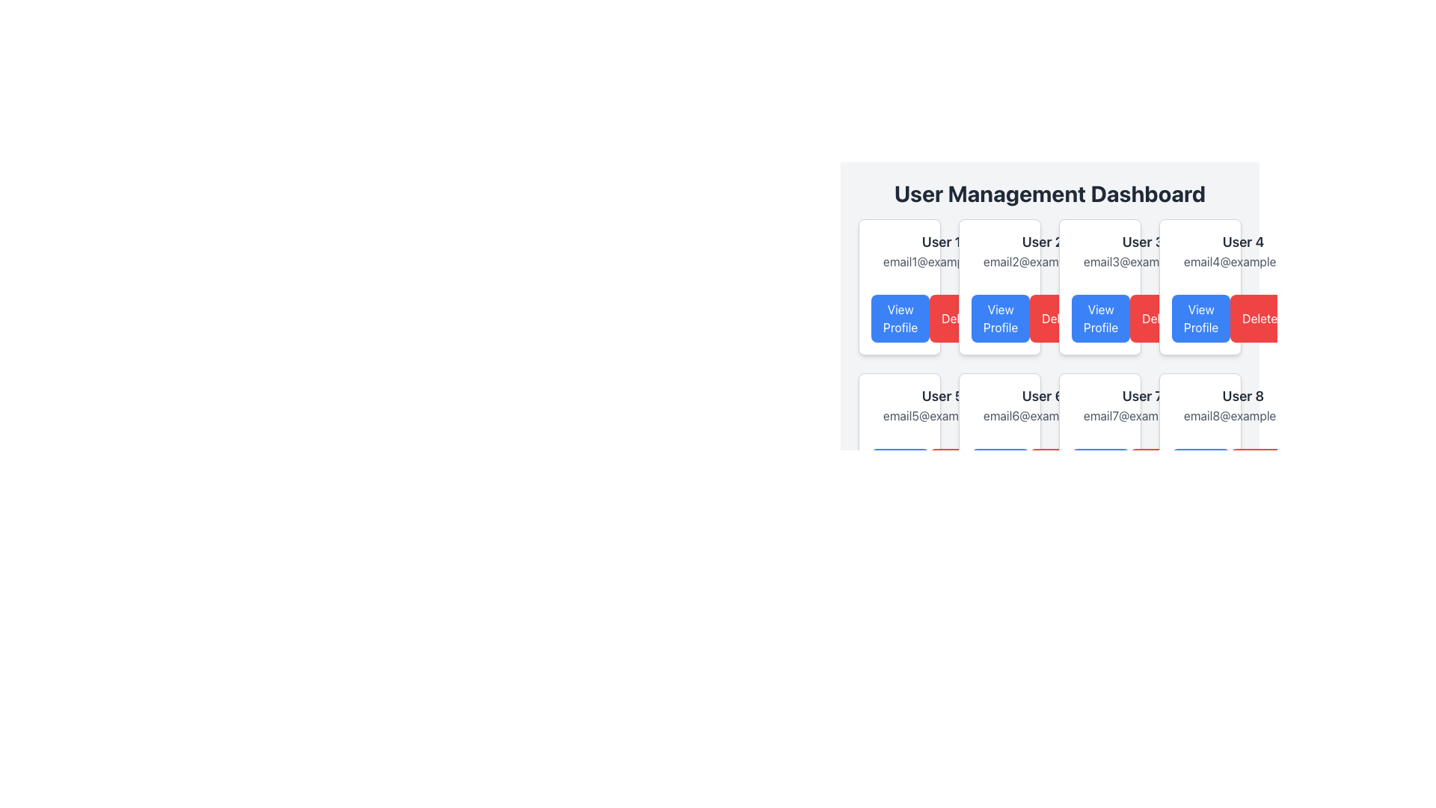 The image size is (1436, 808). Describe the element at coordinates (940, 261) in the screenshot. I see `the informational text label displaying the email address associated with 'User 1', located at the bottom of the user management section's first card` at that location.